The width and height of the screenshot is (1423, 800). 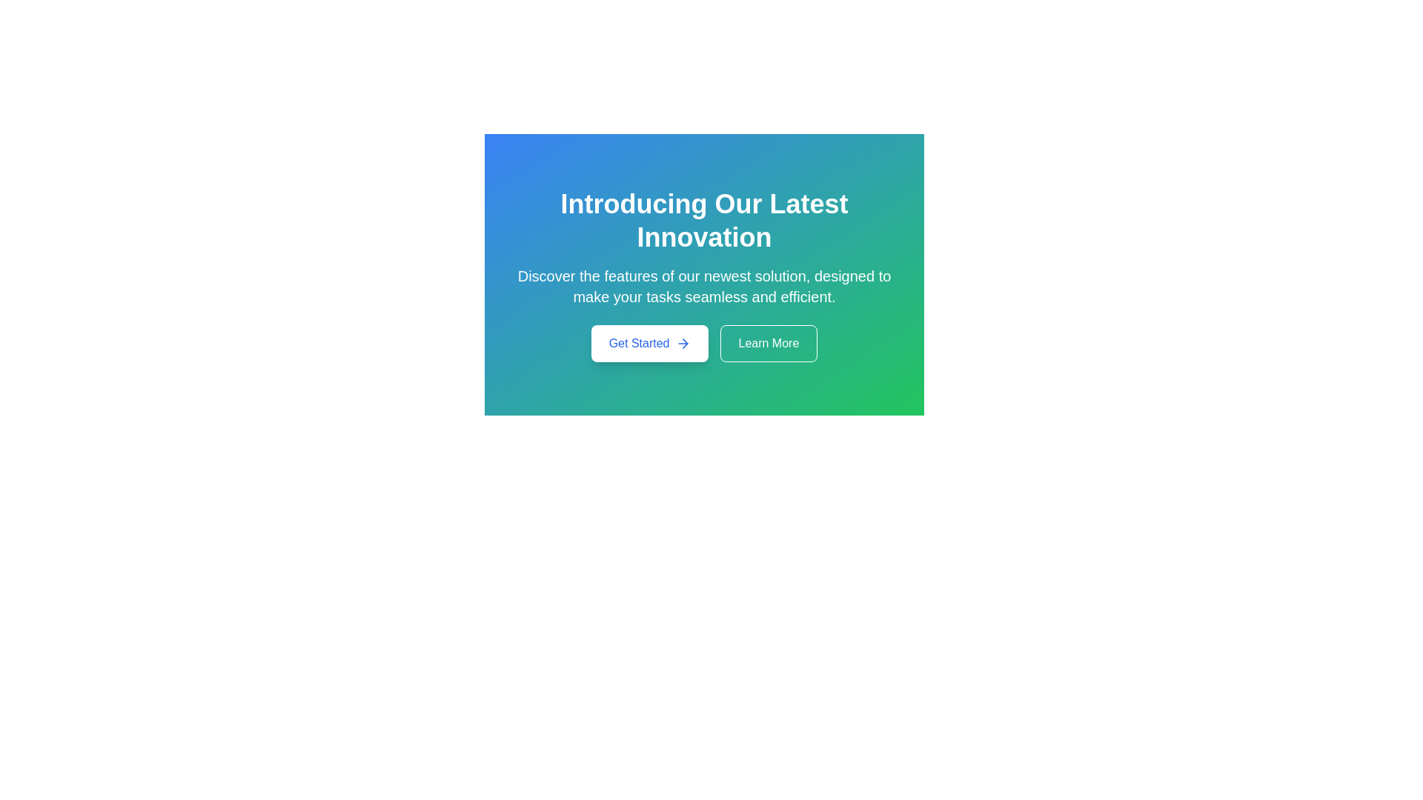 What do you see at coordinates (703, 286) in the screenshot?
I see `static text content that contains the paragraph 'Discover the features of our newest solution, designed to make your tasks seamless and efficient.' This text is styled in a larger font size and is positioned beneath the headline 'Introducing Our Latest Innovation.'` at bounding box center [703, 286].